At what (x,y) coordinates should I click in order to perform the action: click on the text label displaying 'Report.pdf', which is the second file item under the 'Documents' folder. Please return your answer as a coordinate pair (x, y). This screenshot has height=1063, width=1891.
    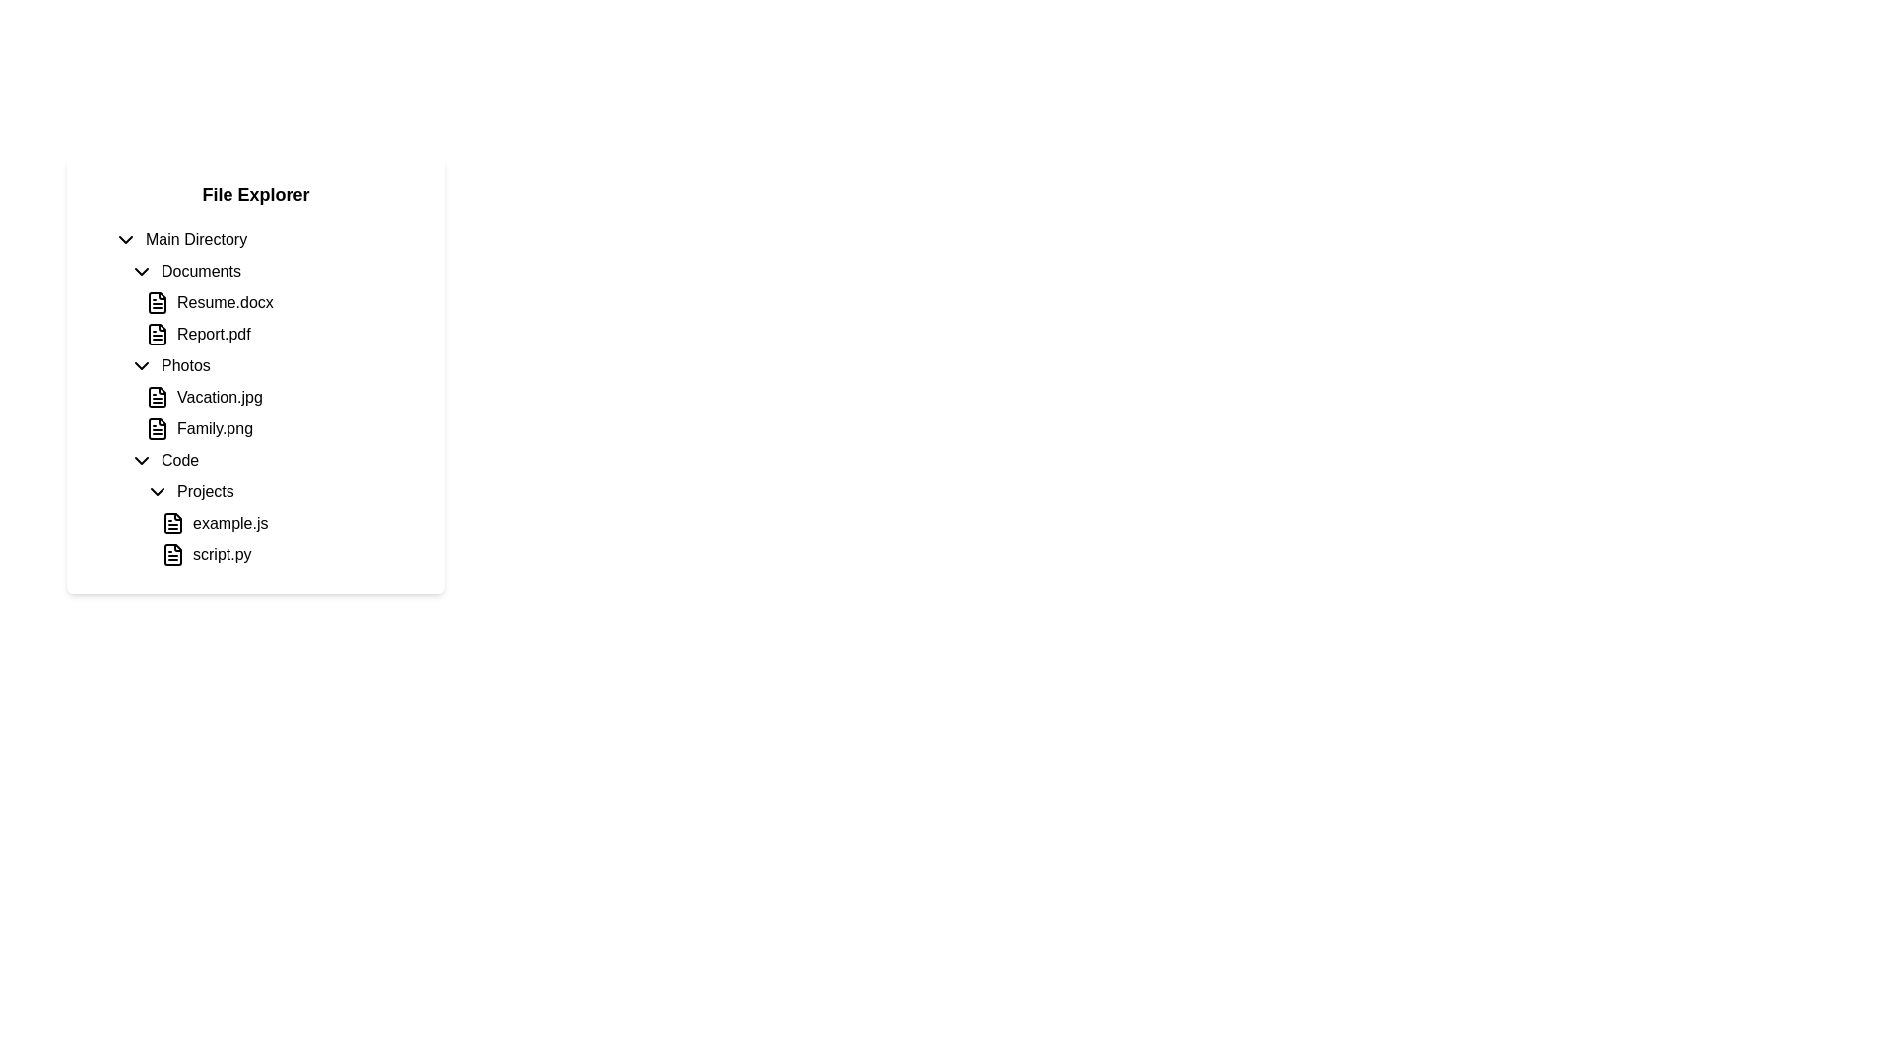
    Looking at the image, I should click on (214, 333).